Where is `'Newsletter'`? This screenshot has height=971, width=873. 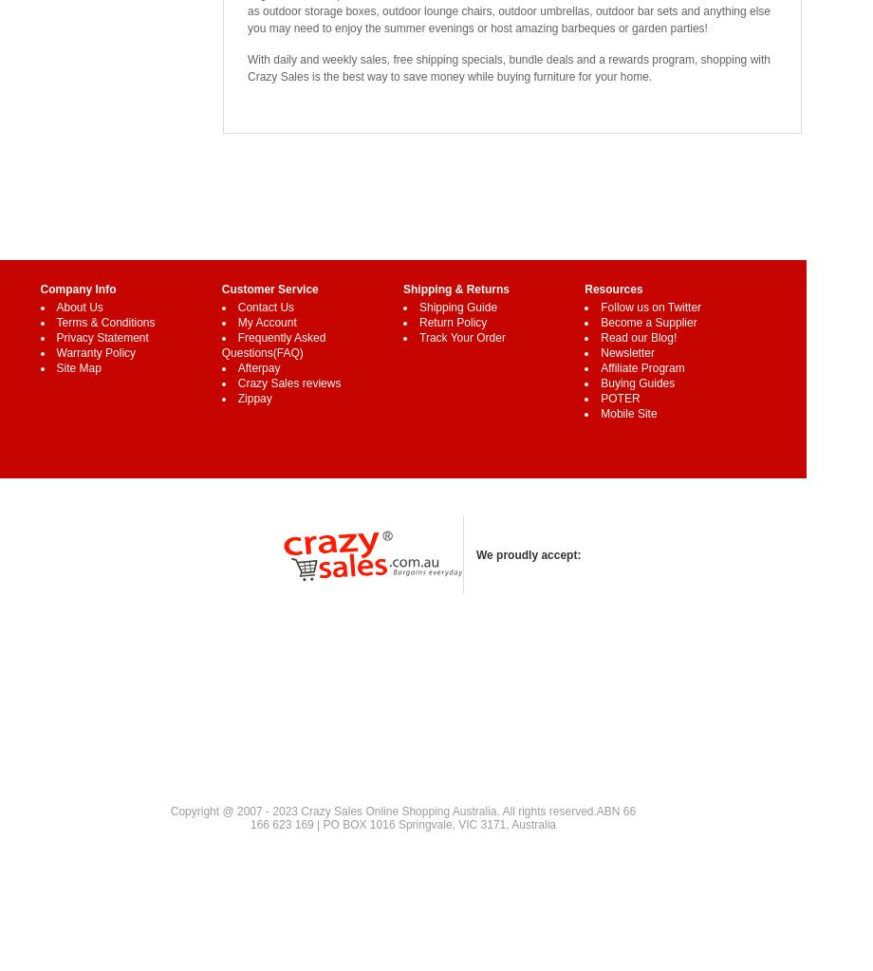
'Newsletter' is located at coordinates (626, 351).